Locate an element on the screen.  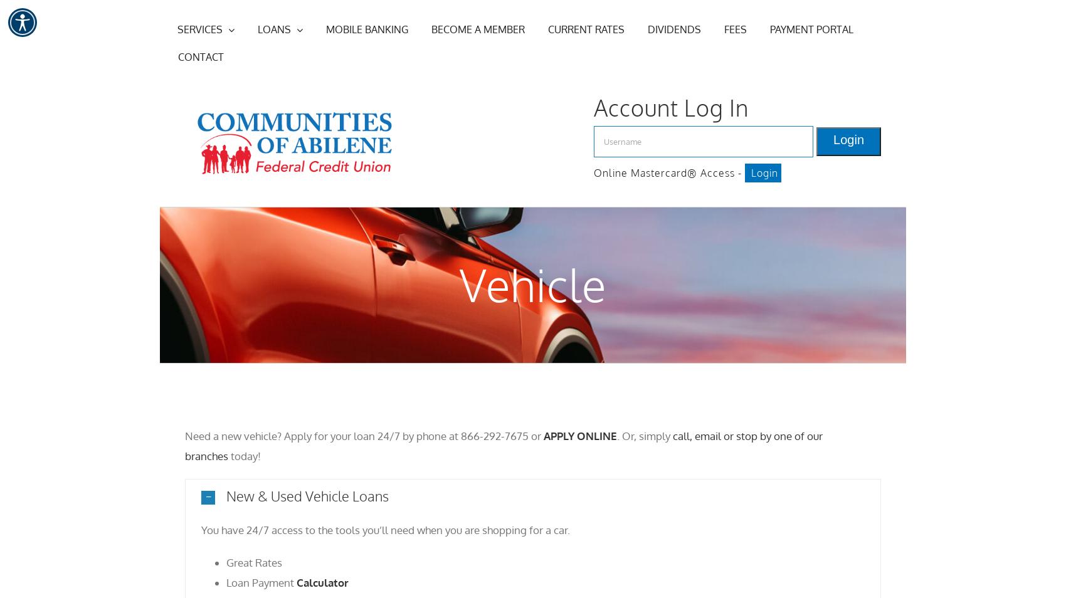
'Vehicle' is located at coordinates (533, 284).